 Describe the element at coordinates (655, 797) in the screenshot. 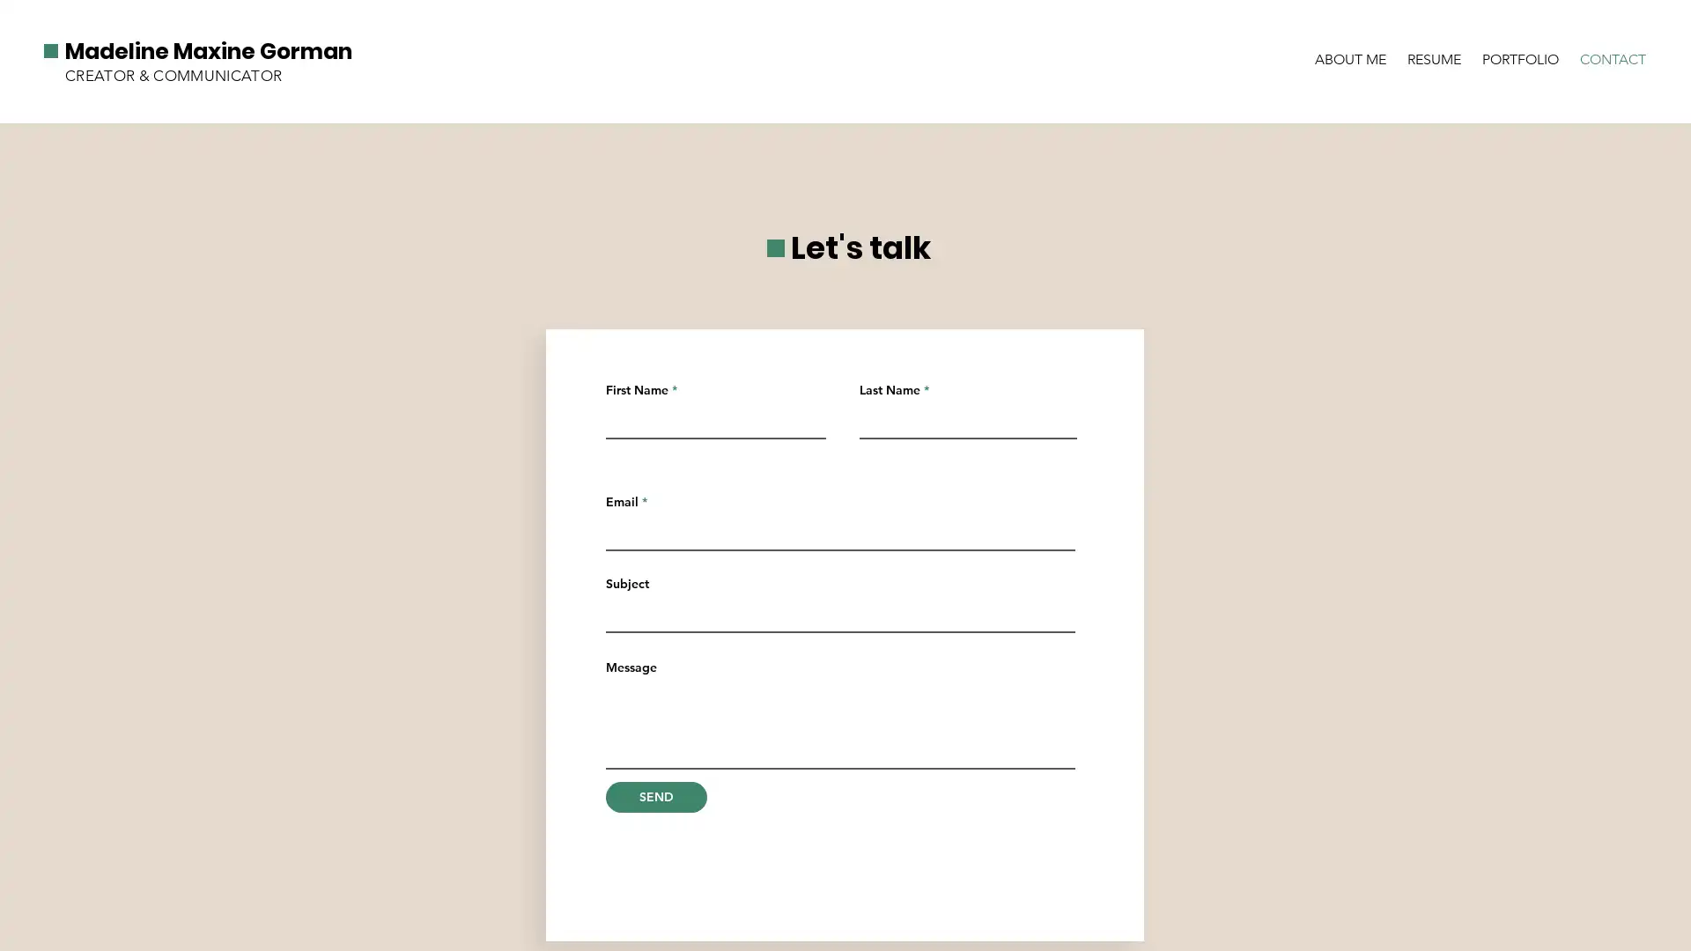

I see `SEND` at that location.